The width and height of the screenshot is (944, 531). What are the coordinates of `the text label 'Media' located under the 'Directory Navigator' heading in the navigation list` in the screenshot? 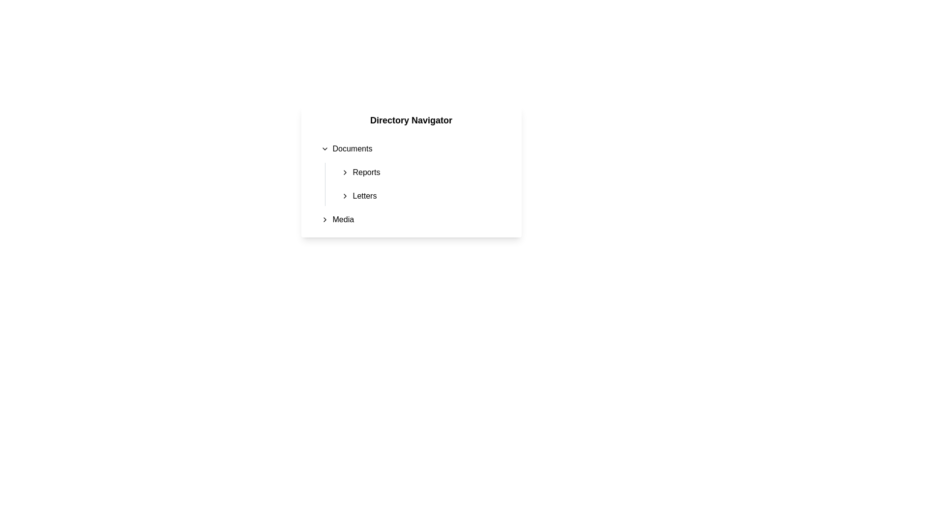 It's located at (343, 219).